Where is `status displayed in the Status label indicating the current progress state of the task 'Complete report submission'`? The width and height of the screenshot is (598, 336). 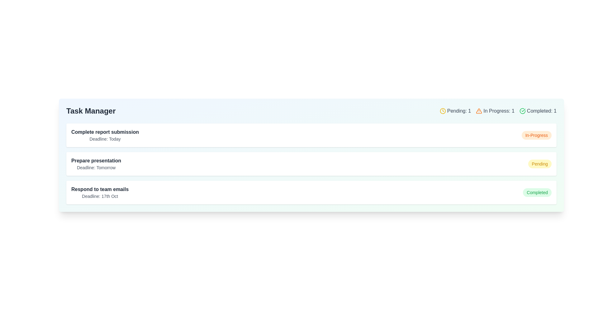
status displayed in the Status label indicating the current progress state of the task 'Complete report submission' is located at coordinates (536, 135).